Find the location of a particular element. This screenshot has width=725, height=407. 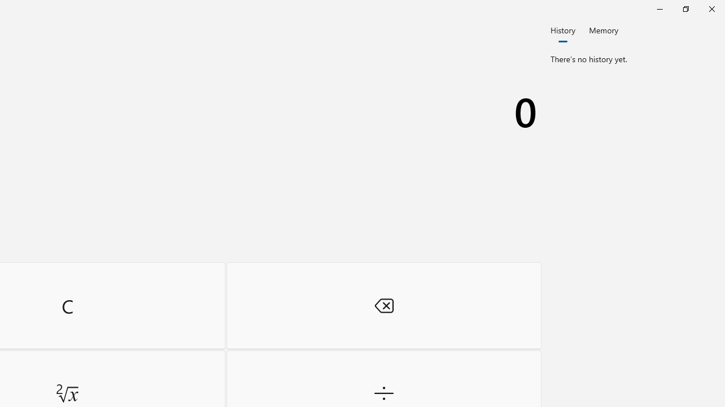

'Restore Calculator' is located at coordinates (685, 8).